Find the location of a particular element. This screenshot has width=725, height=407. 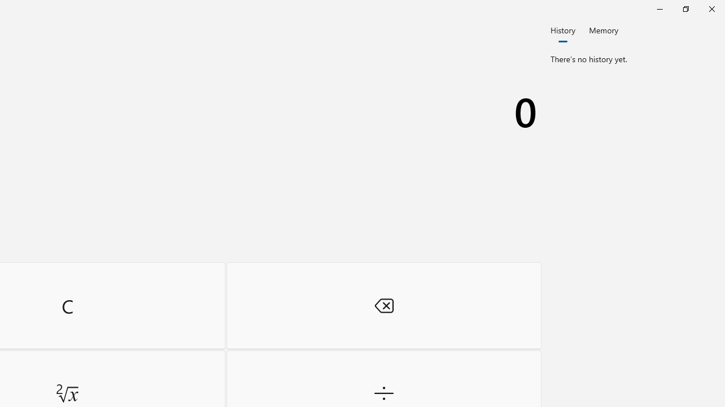

'Restore Calculator' is located at coordinates (685, 8).